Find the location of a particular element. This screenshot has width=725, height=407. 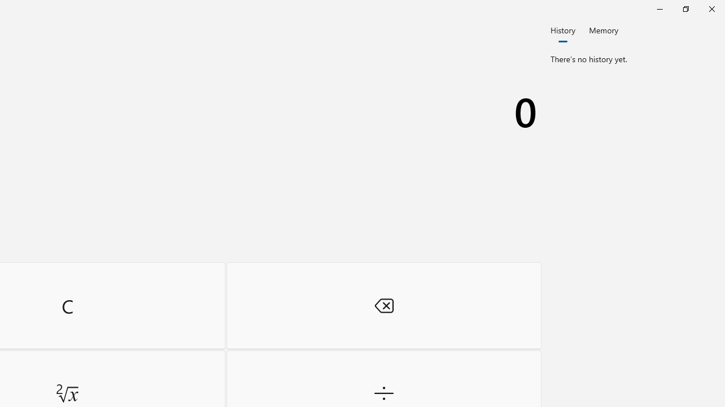

'Restore Calculator' is located at coordinates (685, 8).